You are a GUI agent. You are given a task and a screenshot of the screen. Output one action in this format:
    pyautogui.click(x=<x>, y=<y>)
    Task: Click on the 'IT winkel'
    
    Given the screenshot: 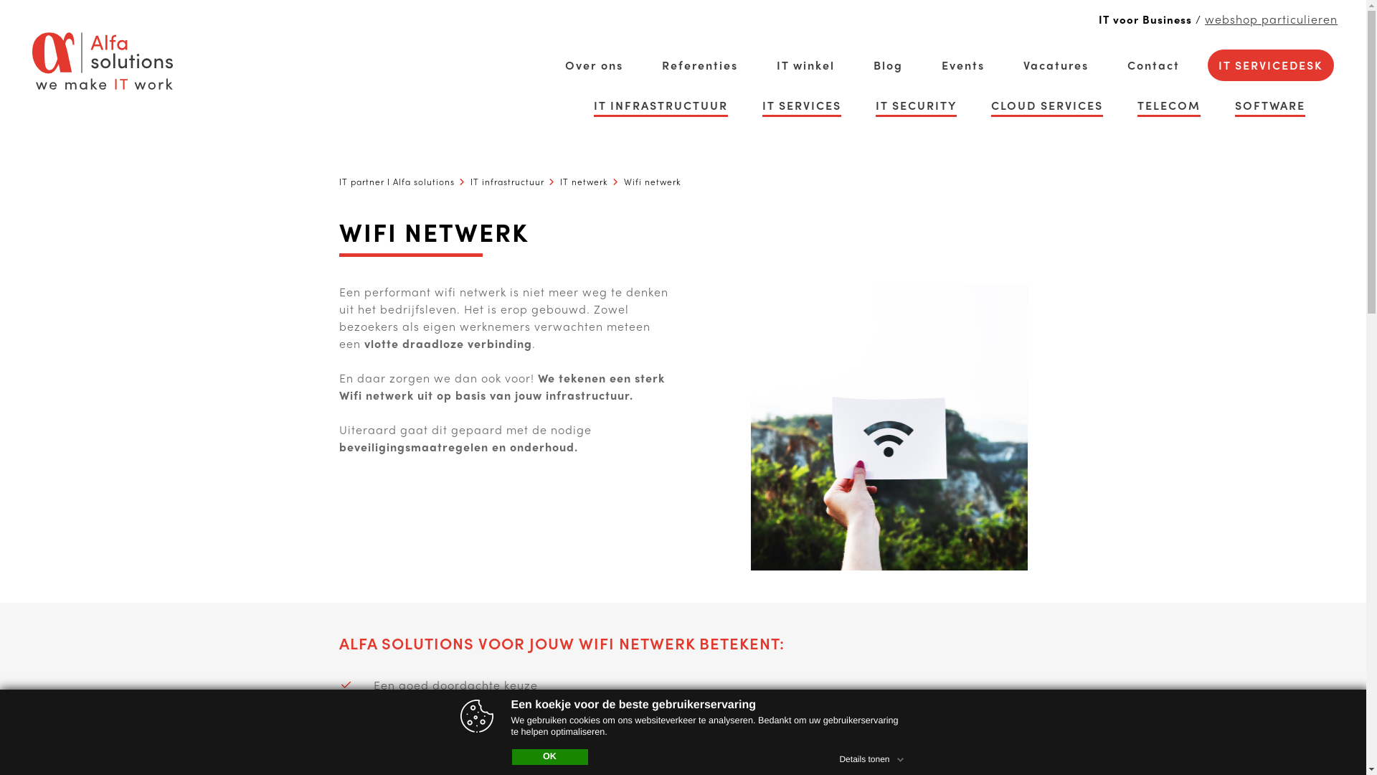 What is the action you would take?
    pyautogui.click(x=805, y=65)
    